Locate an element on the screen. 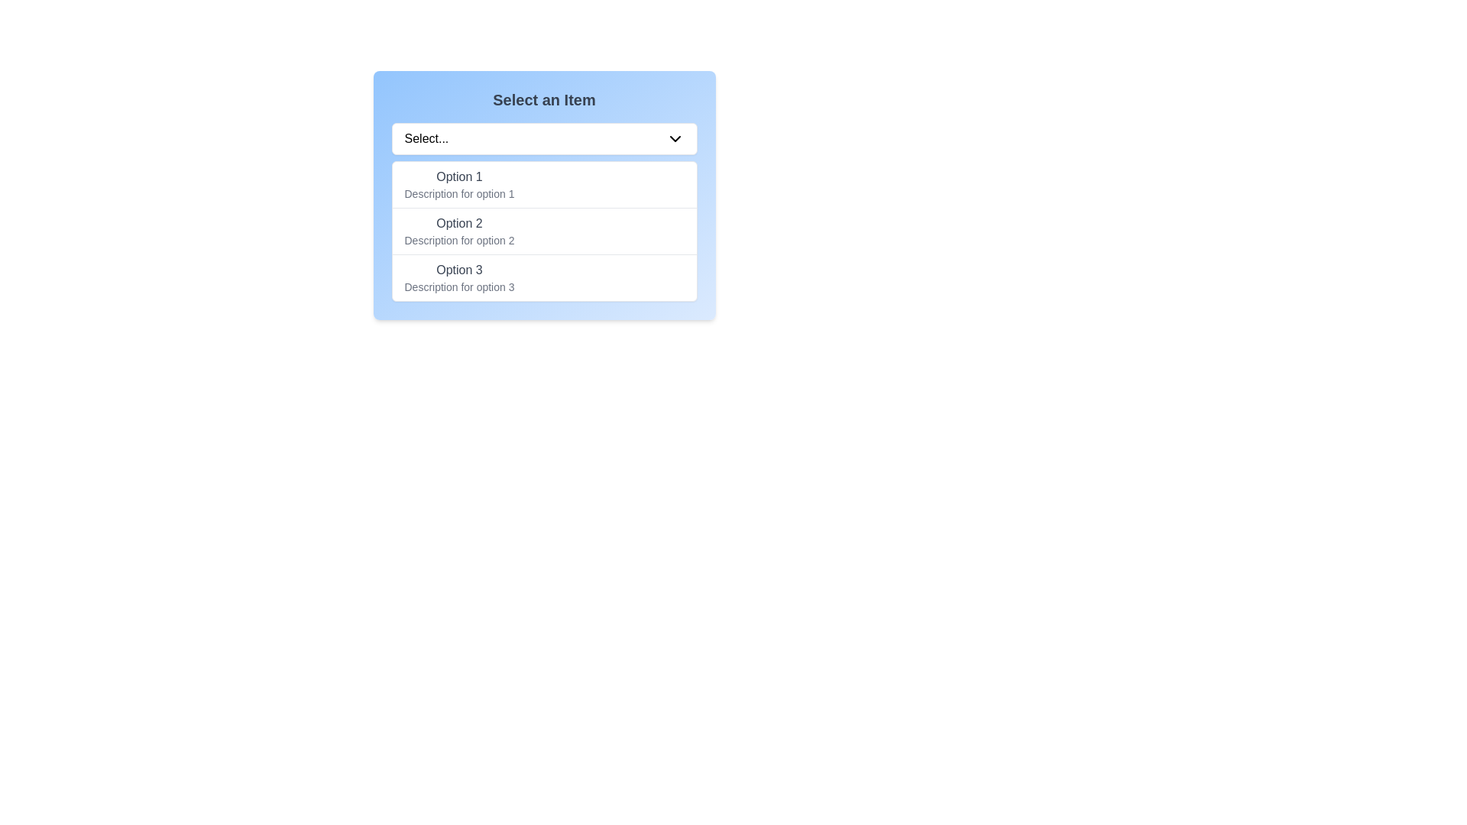  text from the 'Option 1' label, which is styled with a medium-weight font and gray color, located in the first option row of a dropdown-like interface is located at coordinates (458, 176).